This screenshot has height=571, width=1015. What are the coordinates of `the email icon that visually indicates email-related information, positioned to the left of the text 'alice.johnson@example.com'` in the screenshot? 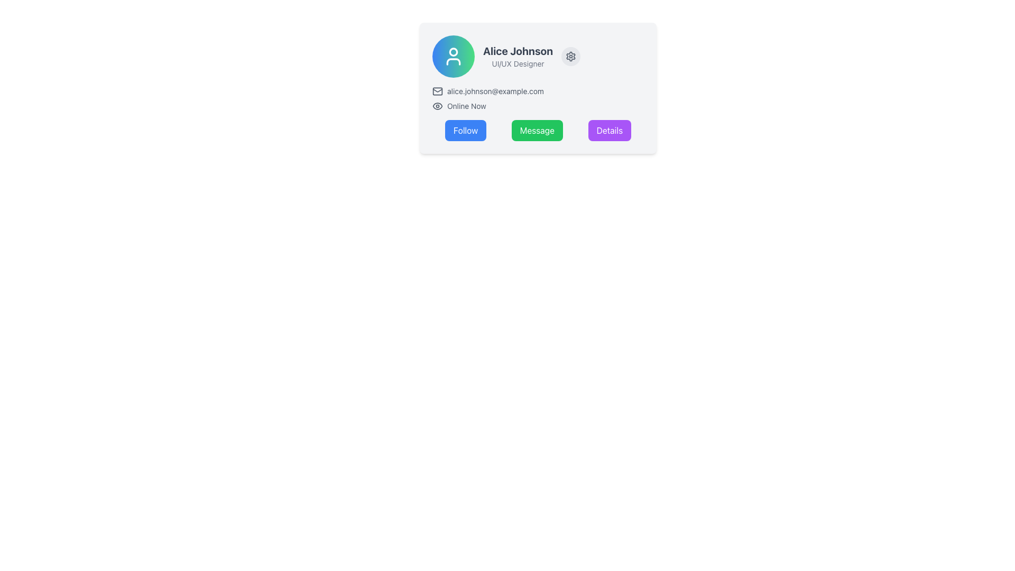 It's located at (438, 91).